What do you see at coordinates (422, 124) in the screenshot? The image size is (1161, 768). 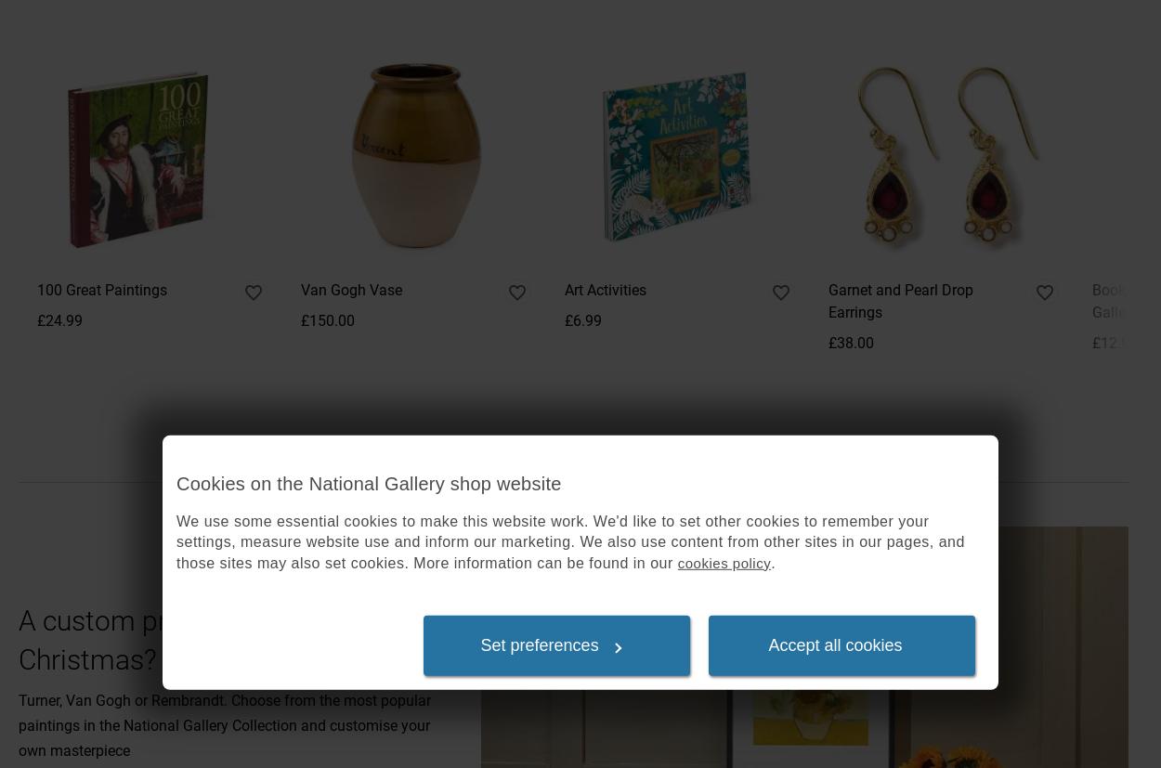 I see `'About us'` at bounding box center [422, 124].